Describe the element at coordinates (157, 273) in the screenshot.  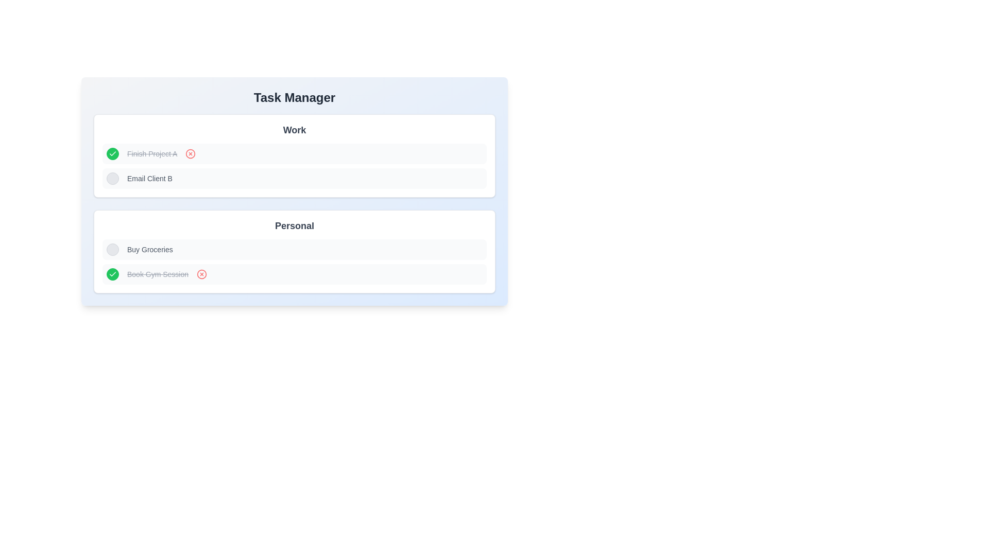
I see `the text element styled with a strikethrough effect that reads 'Book Gym Session', indicating a completed or canceled task in the Personal category task list` at that location.